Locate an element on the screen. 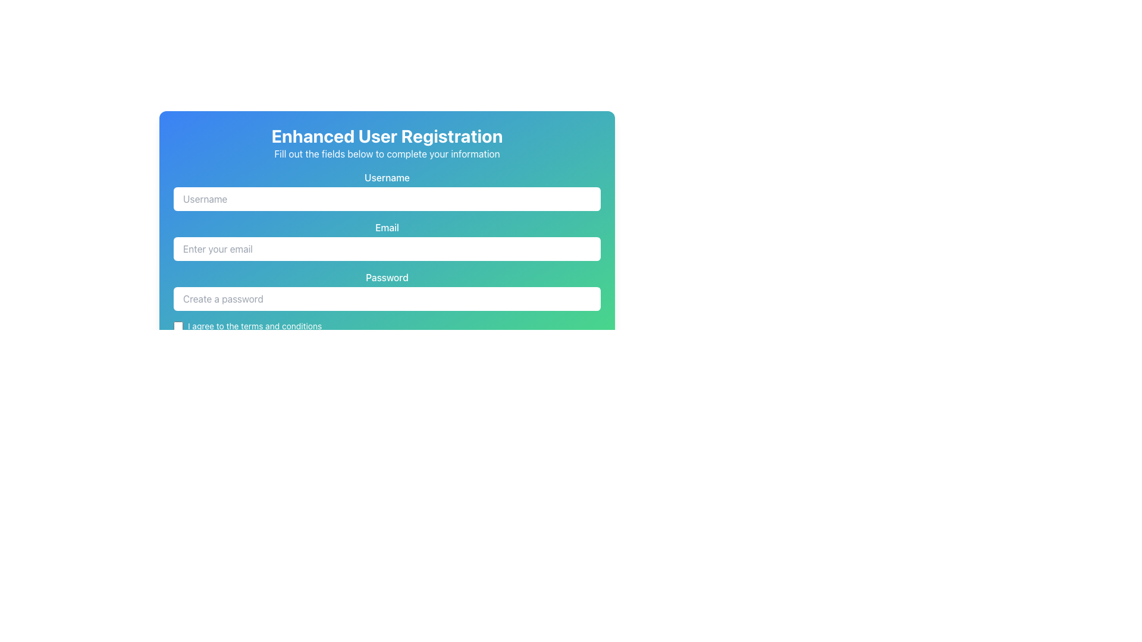 This screenshot has width=1142, height=642. legal agreement text label located to the right of the checkbox, positioned below the password input field is located at coordinates (254, 326).